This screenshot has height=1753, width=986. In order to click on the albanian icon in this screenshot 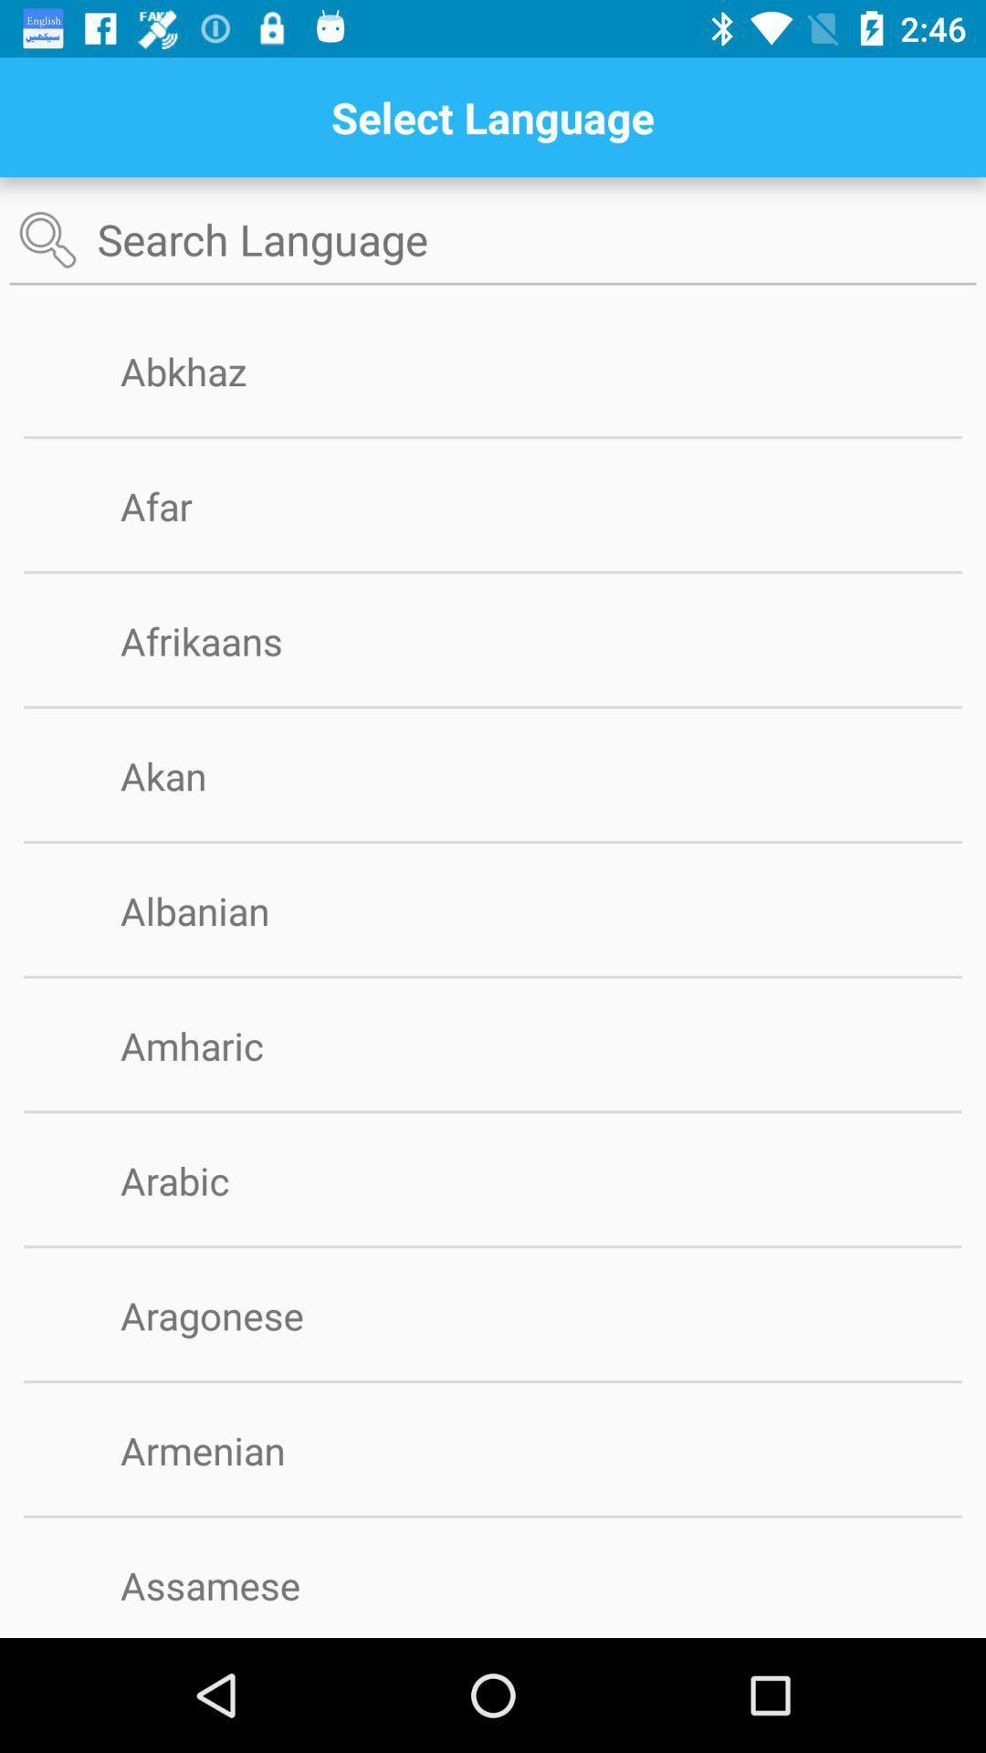, I will do `click(224, 910)`.